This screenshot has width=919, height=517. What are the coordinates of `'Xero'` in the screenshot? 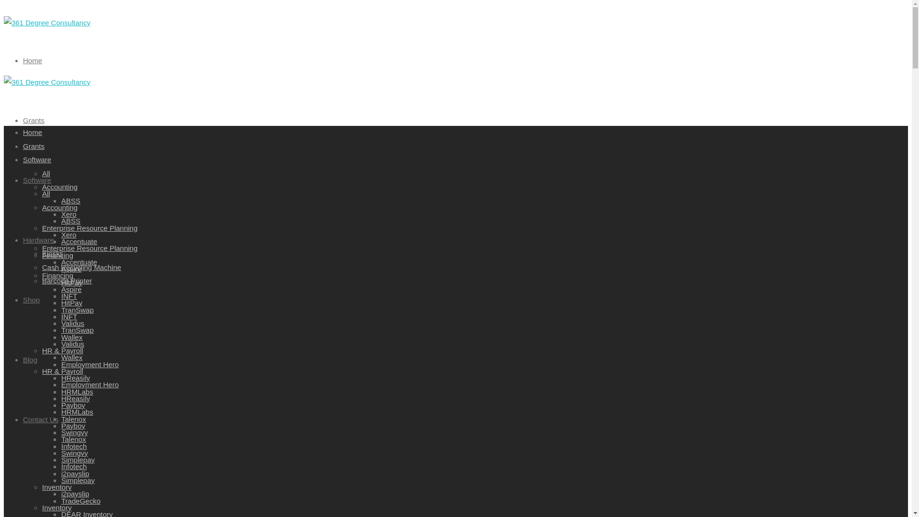 It's located at (61, 214).